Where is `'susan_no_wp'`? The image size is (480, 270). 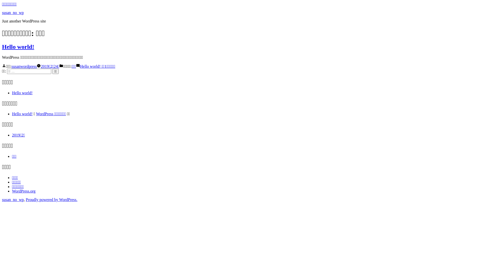
'susan_no_wp' is located at coordinates (13, 12).